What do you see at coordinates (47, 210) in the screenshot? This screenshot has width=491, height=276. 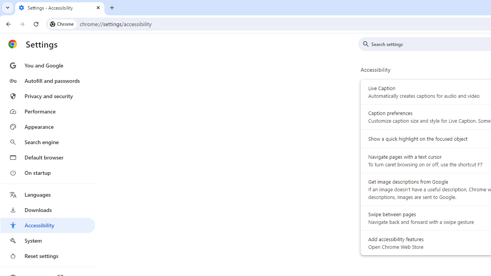 I see `'Downloads'` at bounding box center [47, 210].